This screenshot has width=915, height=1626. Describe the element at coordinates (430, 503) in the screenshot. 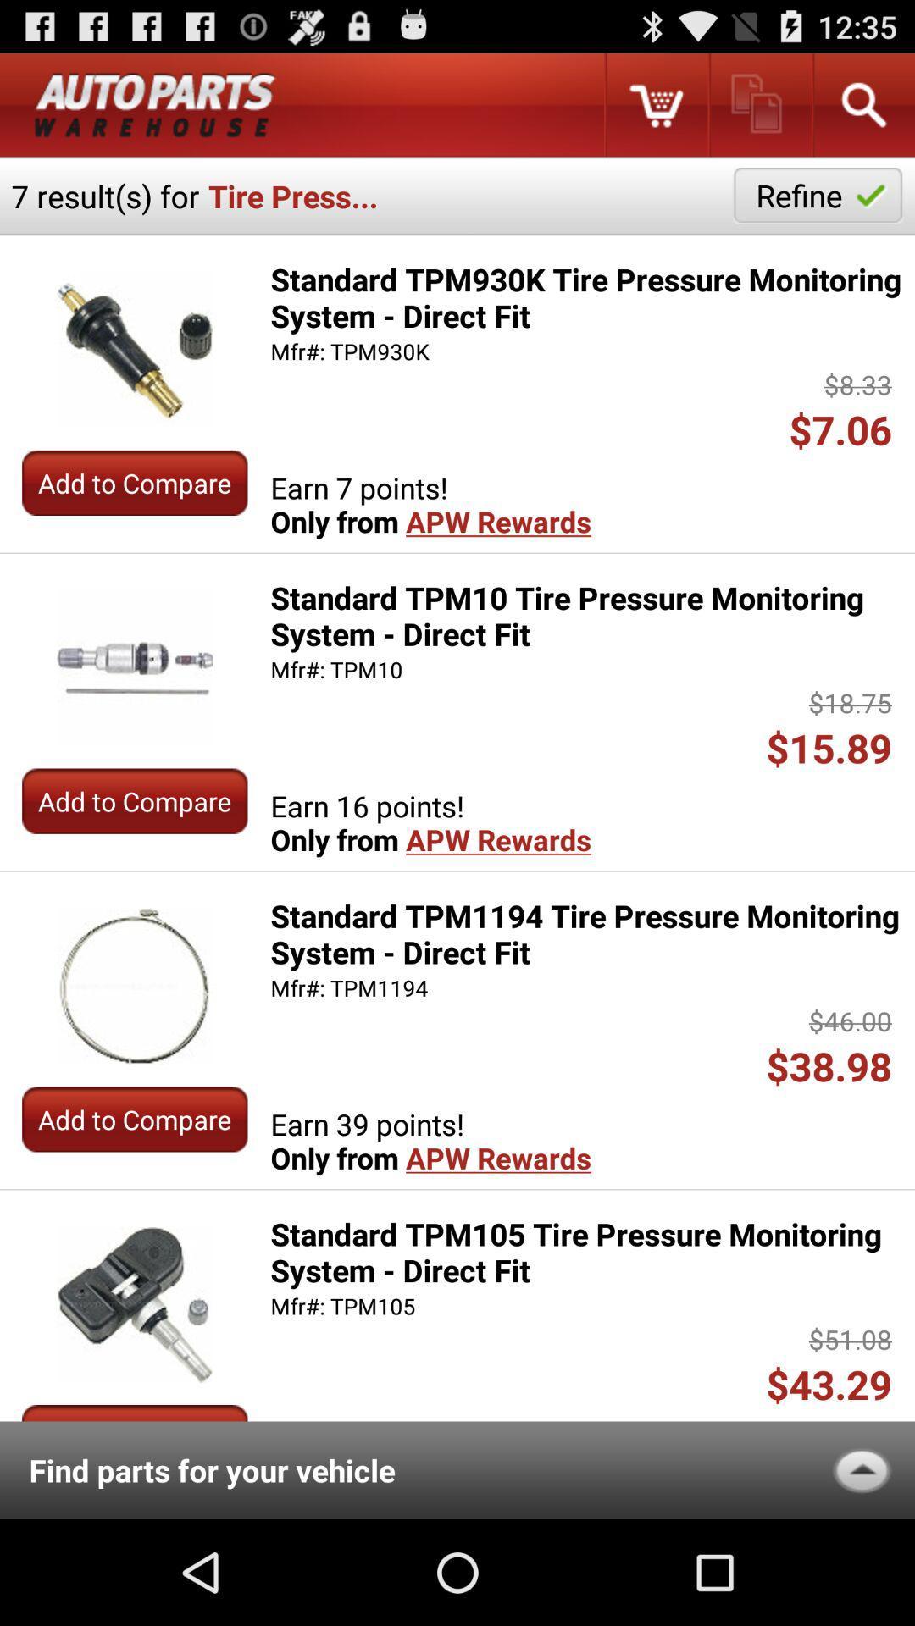

I see `the text  earn 7 points beside add to compare of first row` at that location.